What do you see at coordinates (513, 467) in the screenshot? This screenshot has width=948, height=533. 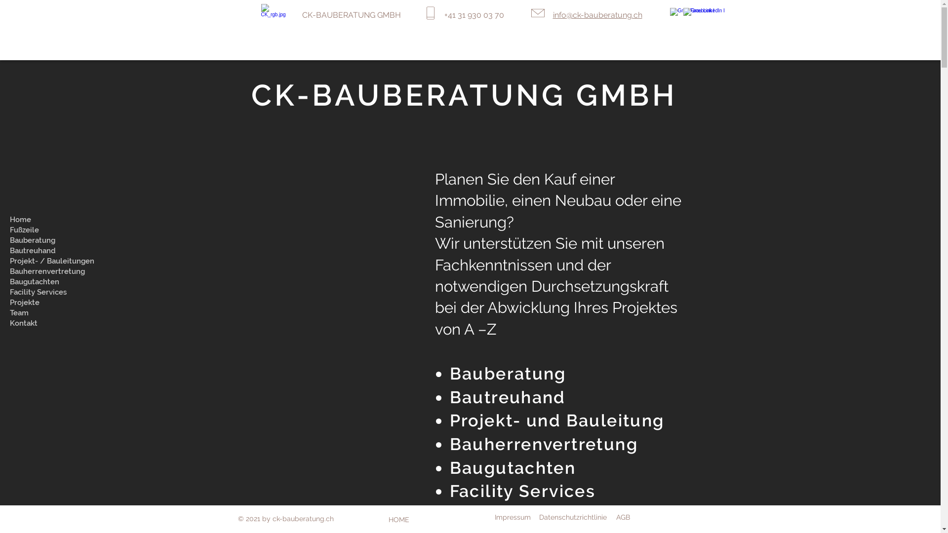 I see `'Baugutachten'` at bounding box center [513, 467].